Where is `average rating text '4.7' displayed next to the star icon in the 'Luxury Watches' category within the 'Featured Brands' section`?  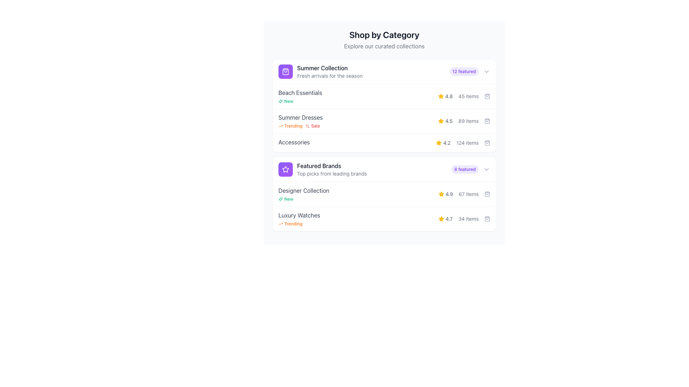
average rating text '4.7' displayed next to the star icon in the 'Luxury Watches' category within the 'Featured Brands' section is located at coordinates (445, 218).